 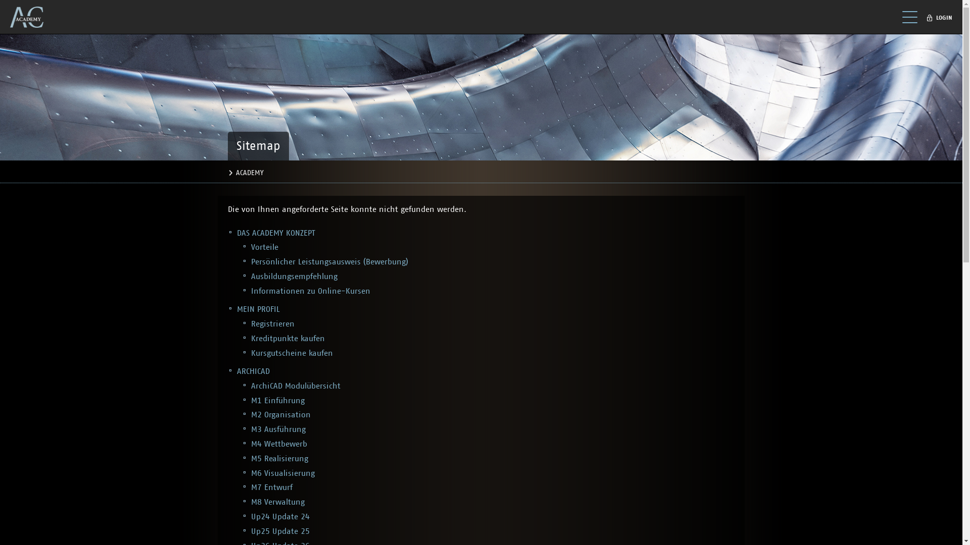 What do you see at coordinates (291, 352) in the screenshot?
I see `'Kursgutscheine kaufen'` at bounding box center [291, 352].